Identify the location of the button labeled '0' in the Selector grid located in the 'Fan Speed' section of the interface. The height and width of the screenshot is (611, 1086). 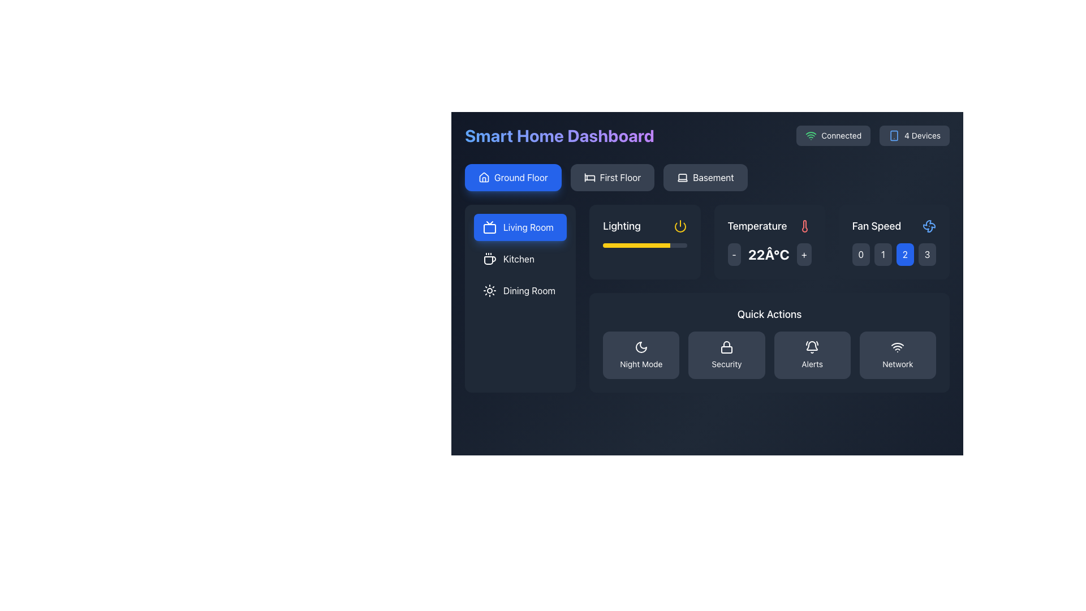
(893, 255).